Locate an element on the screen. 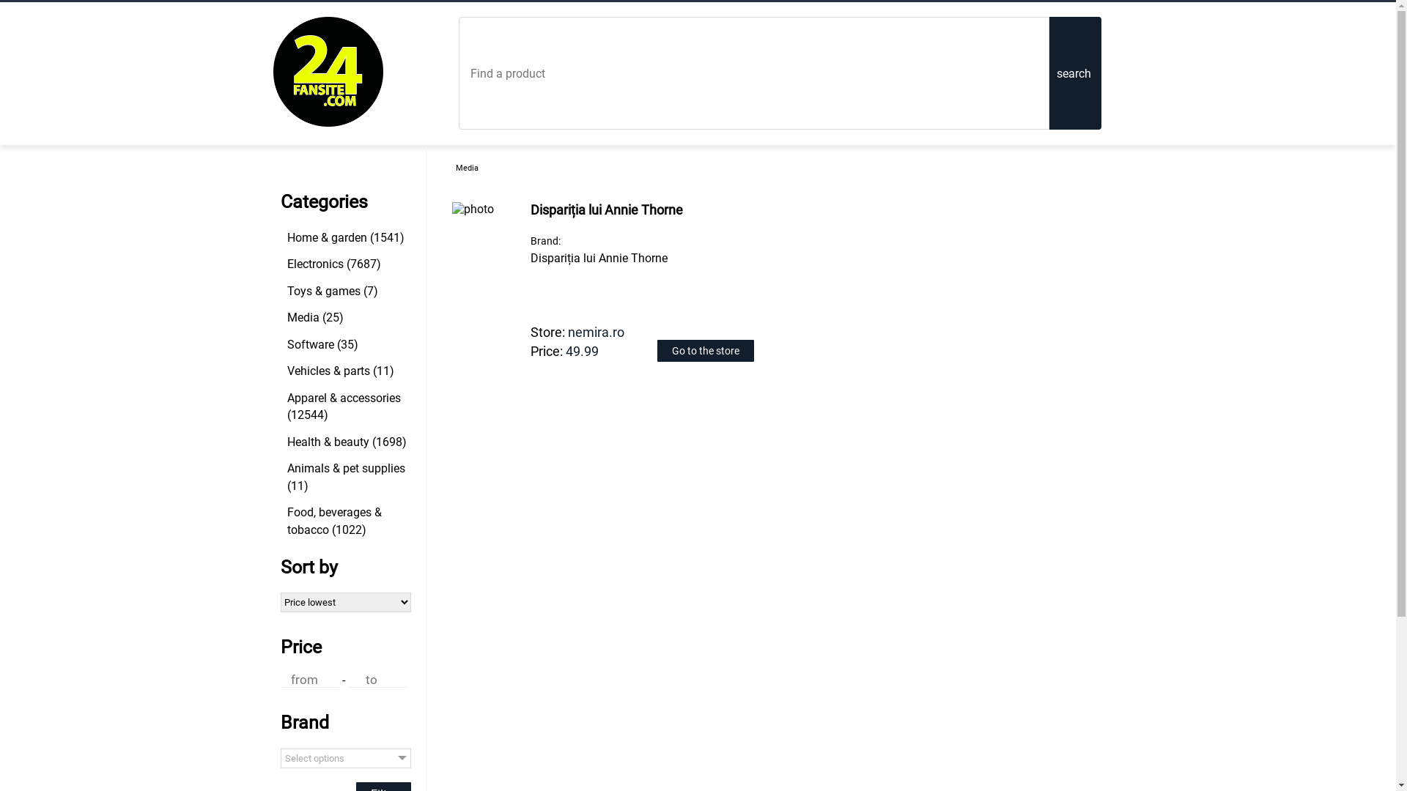 The height and width of the screenshot is (791, 1407). 'Animals & pet supplies (11)' is located at coordinates (347, 477).